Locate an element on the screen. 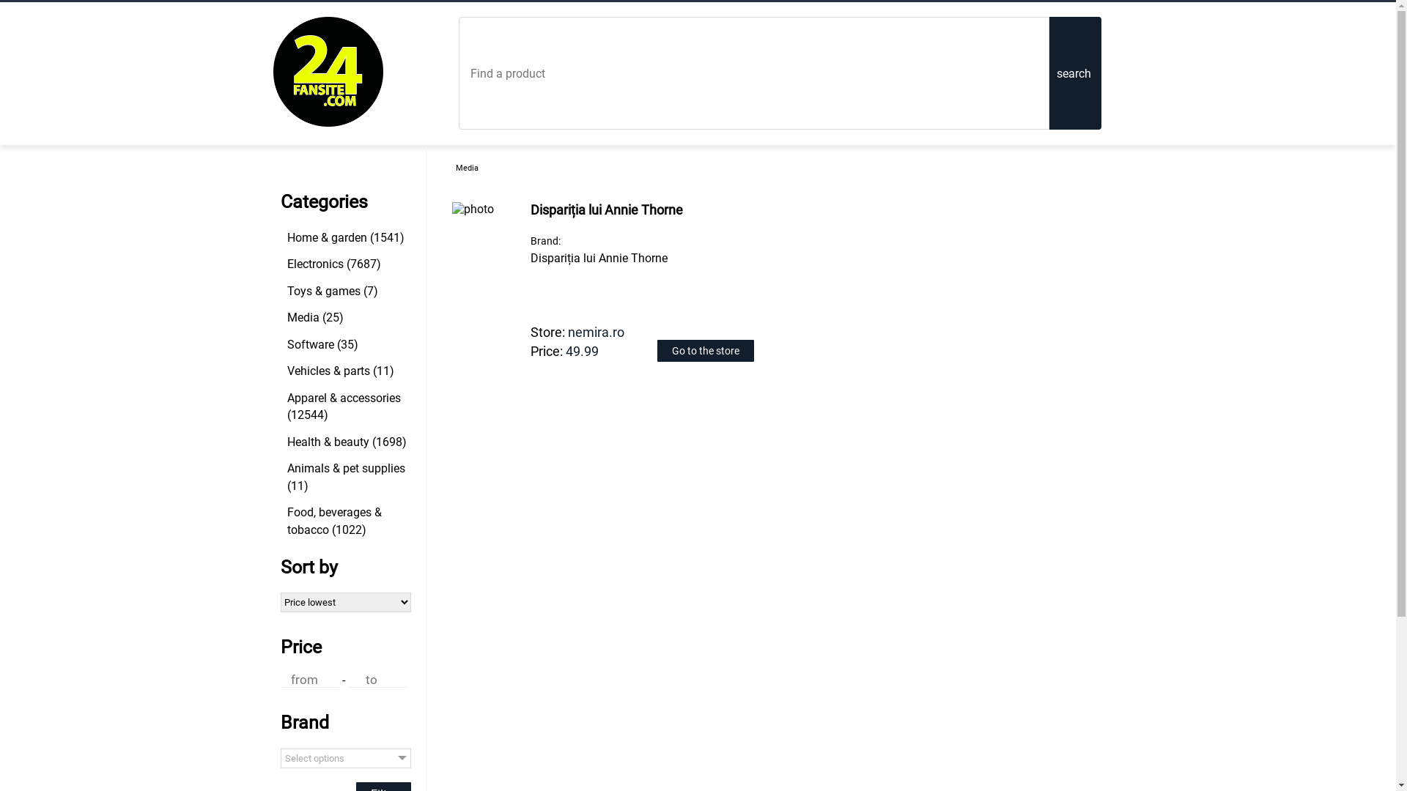 The height and width of the screenshot is (791, 1407). 'Animals & pet supplies (11)' is located at coordinates (347, 477).